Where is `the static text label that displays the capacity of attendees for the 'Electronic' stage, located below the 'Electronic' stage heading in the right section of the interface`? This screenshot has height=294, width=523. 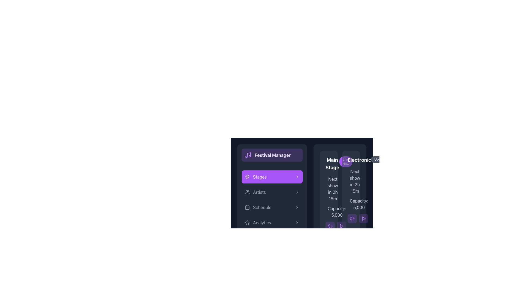
the static text label that displays the capacity of attendees for the 'Electronic' stage, located below the 'Electronic' stage heading in the right section of the interface is located at coordinates (359, 204).